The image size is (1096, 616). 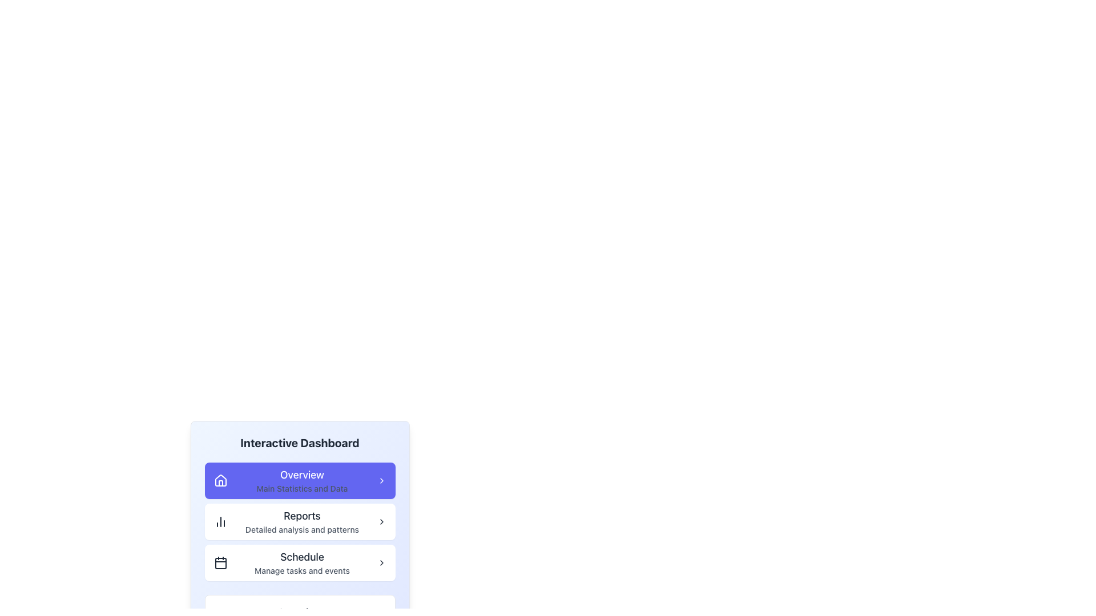 What do you see at coordinates (220, 481) in the screenshot?
I see `the 'Overview' icon located on the top-left side of the 'Overview' button in the vertical navigation list of the 'Interactive Dashboard' panel` at bounding box center [220, 481].